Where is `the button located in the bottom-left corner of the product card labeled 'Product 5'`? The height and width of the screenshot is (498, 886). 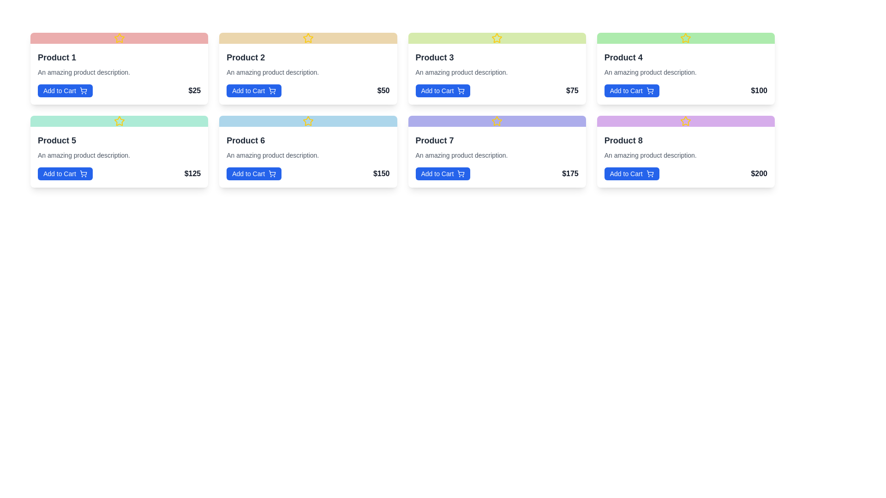
the button located in the bottom-left corner of the product card labeled 'Product 5' is located at coordinates (65, 174).